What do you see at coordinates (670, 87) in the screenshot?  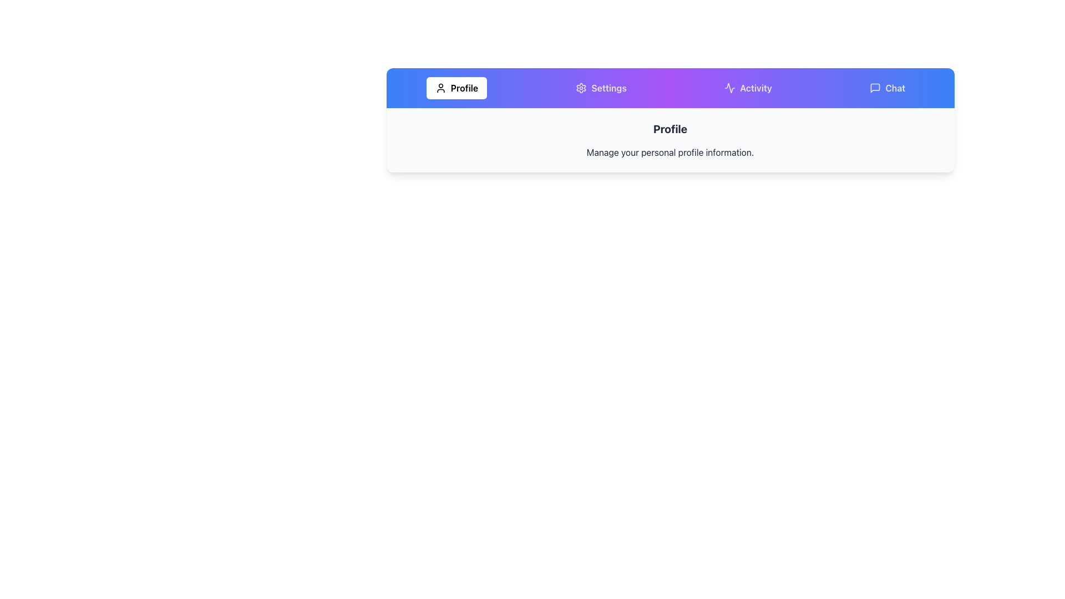 I see `the Navigation Bar which contains sections labeled 'Profile', 'Settings', 'Activity', and 'Chat'` at bounding box center [670, 87].